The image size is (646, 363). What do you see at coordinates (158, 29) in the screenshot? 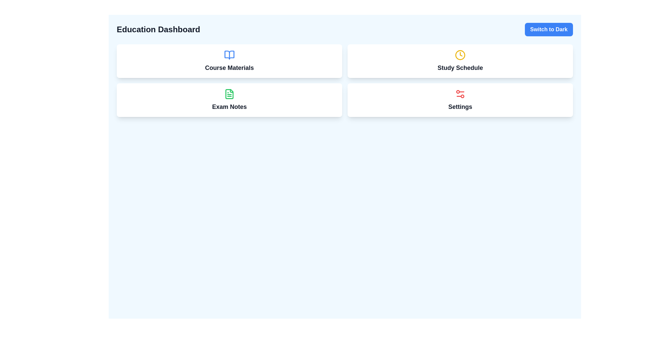
I see `the static text label reading 'Education Dashboard', which is prominently displayed in a large, bold font at the top-left section of the interface` at bounding box center [158, 29].